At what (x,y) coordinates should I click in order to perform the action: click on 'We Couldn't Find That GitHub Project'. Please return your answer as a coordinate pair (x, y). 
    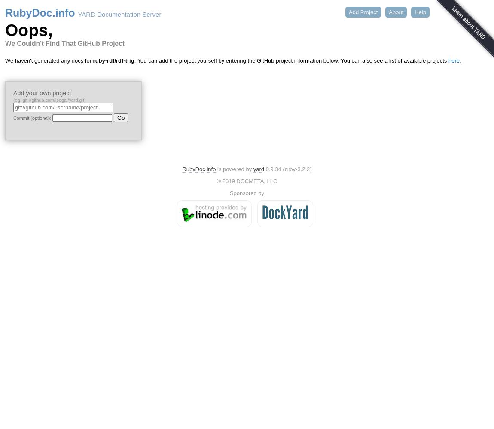
    Looking at the image, I should click on (4, 43).